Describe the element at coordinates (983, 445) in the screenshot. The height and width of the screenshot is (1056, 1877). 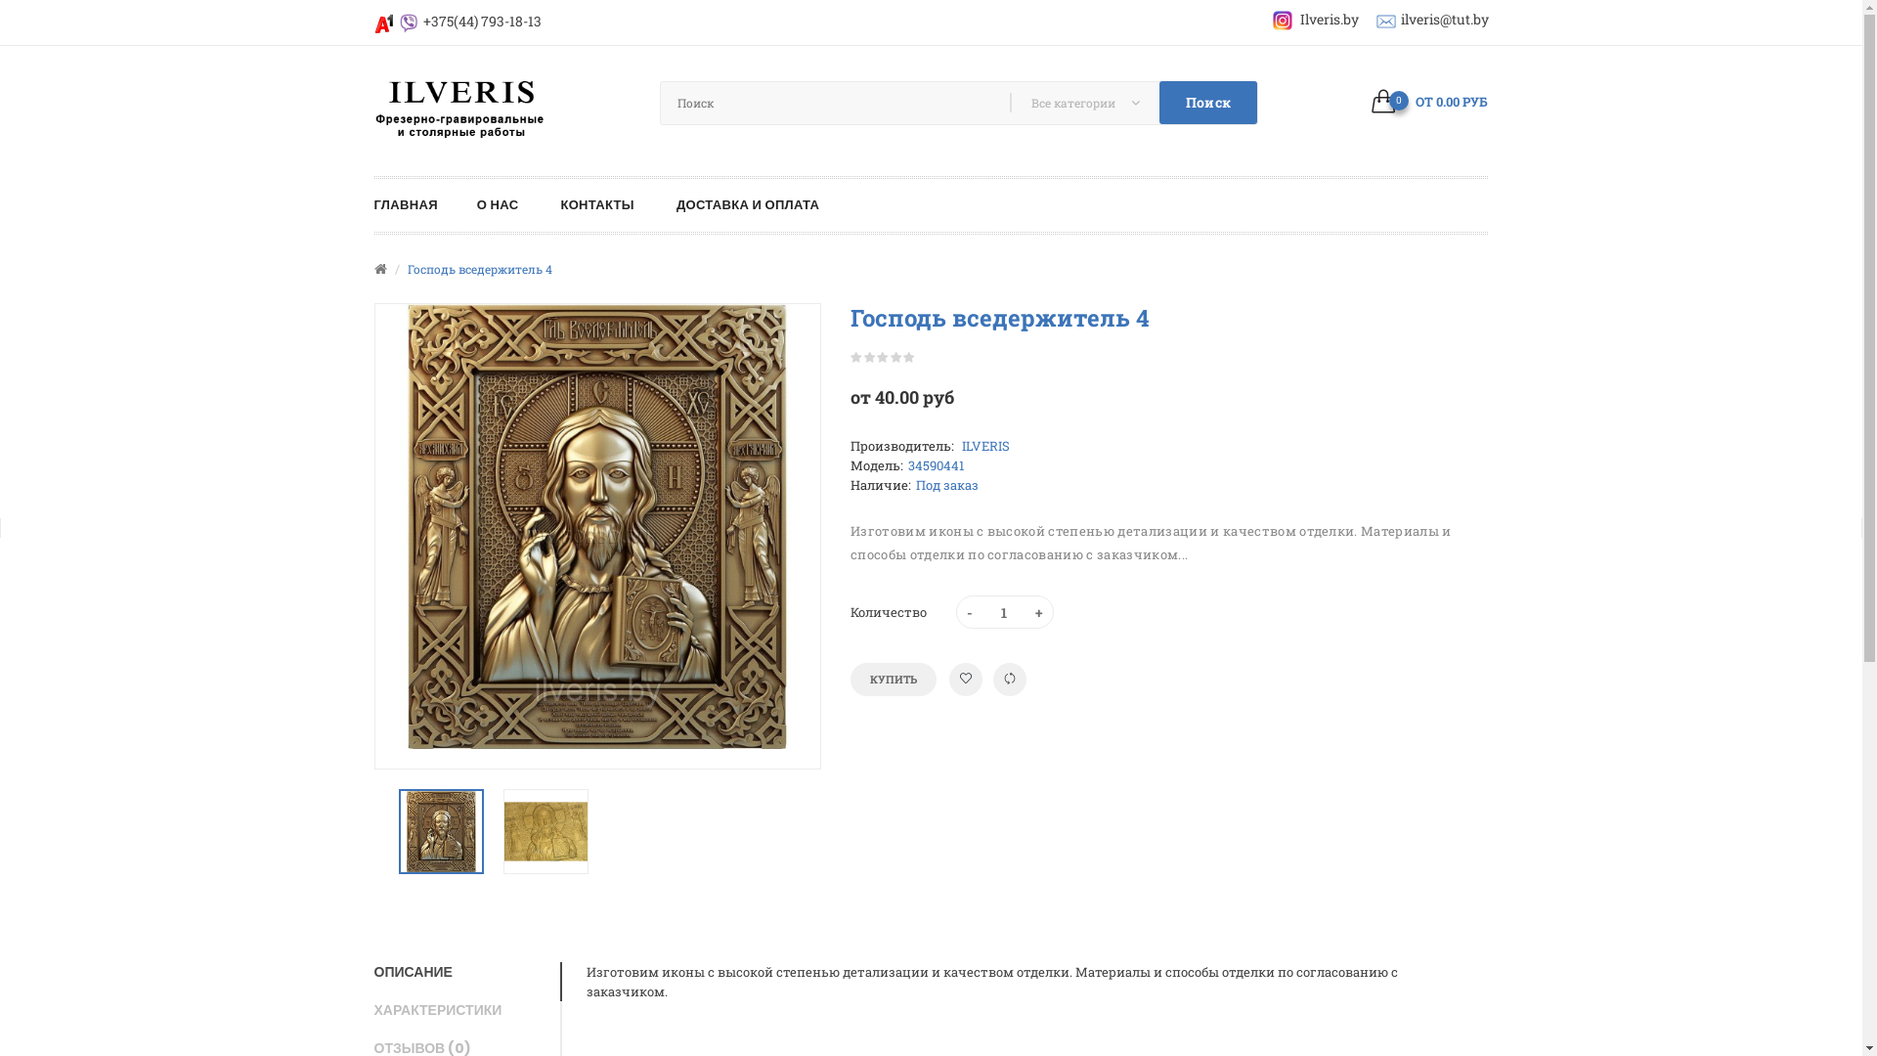
I see `'ILVERIS'` at that location.